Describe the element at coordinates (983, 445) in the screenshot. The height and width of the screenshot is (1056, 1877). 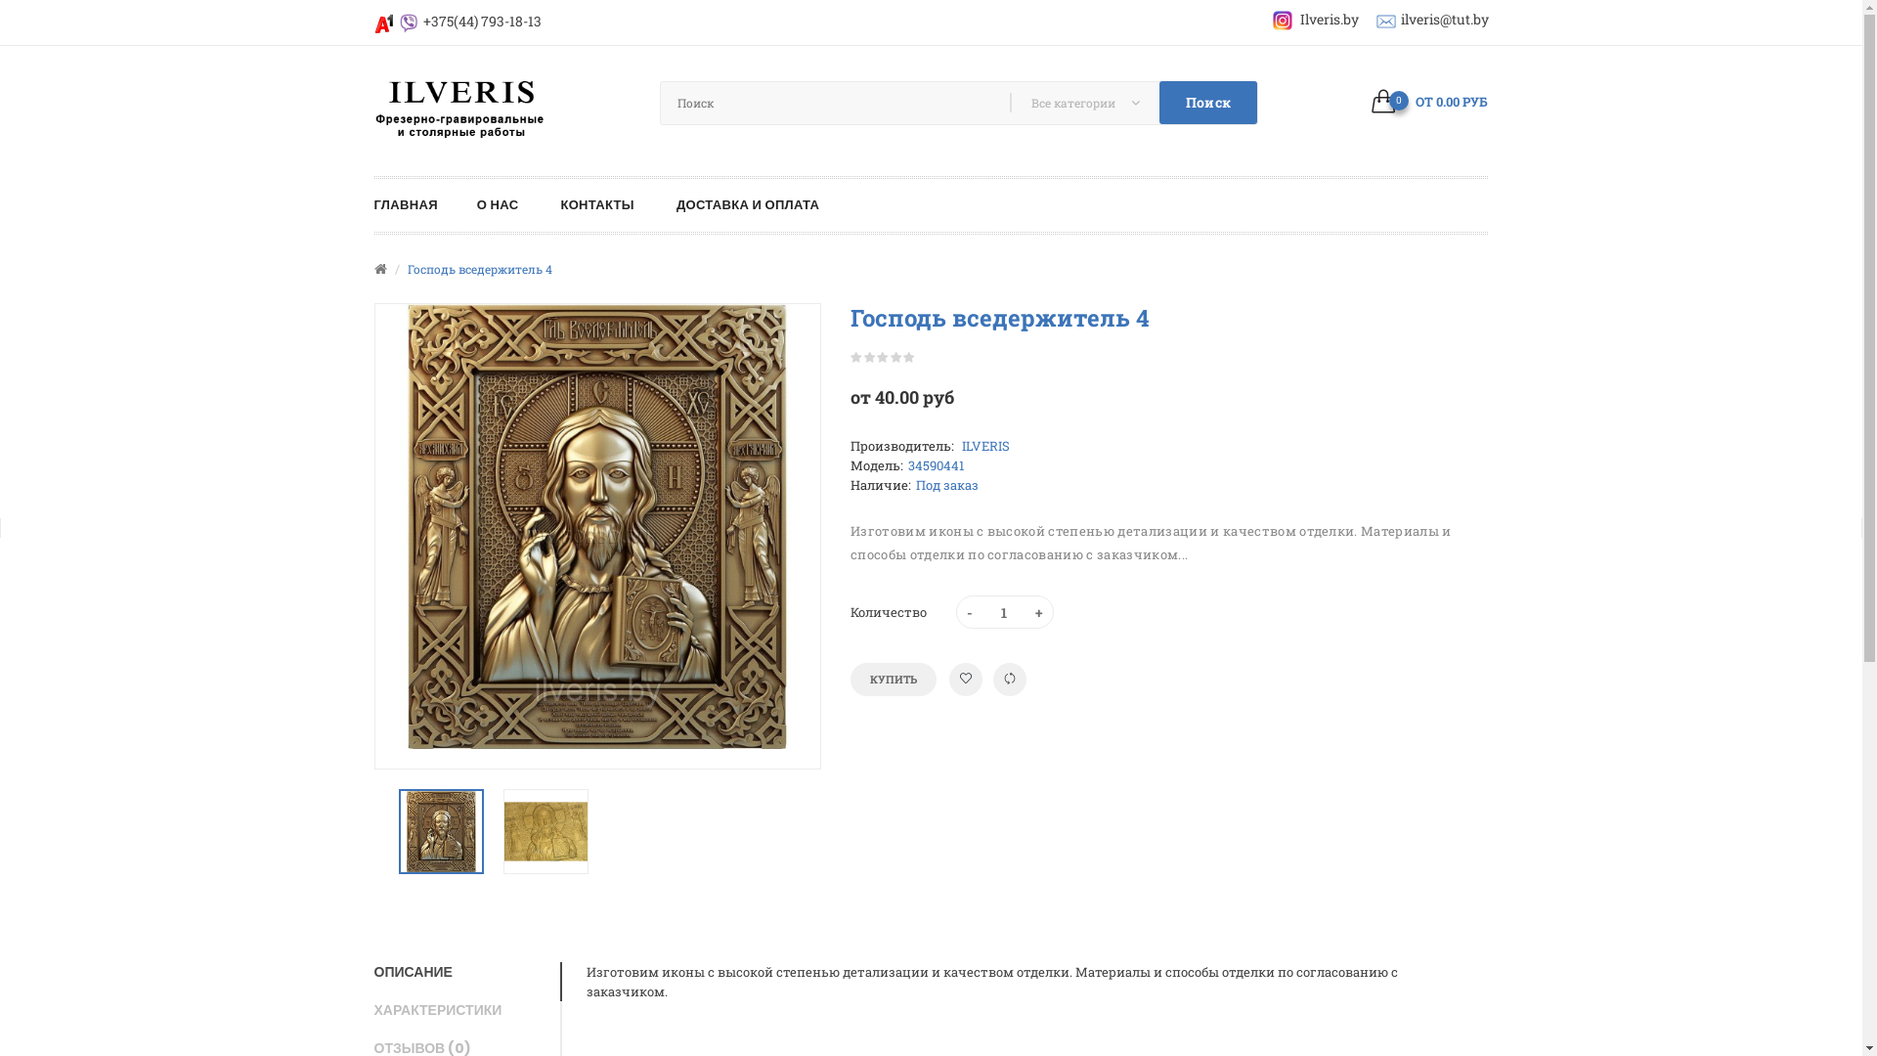
I see `'ILVERIS'` at that location.